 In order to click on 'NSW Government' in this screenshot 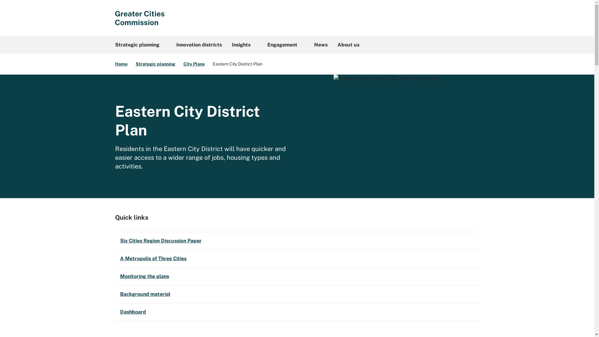, I will do `click(139, 17)`.